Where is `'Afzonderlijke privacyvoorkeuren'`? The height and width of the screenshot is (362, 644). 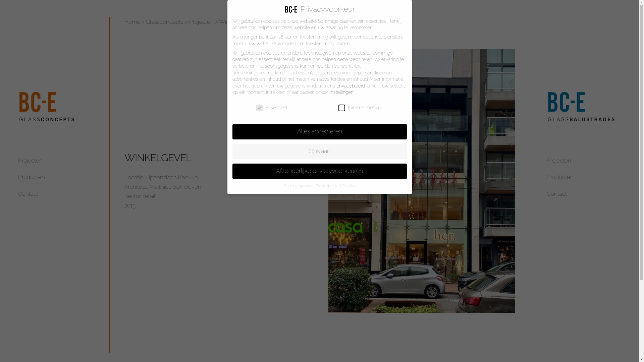
'Afzonderlijke privacyvoorkeuren' is located at coordinates (319, 171).